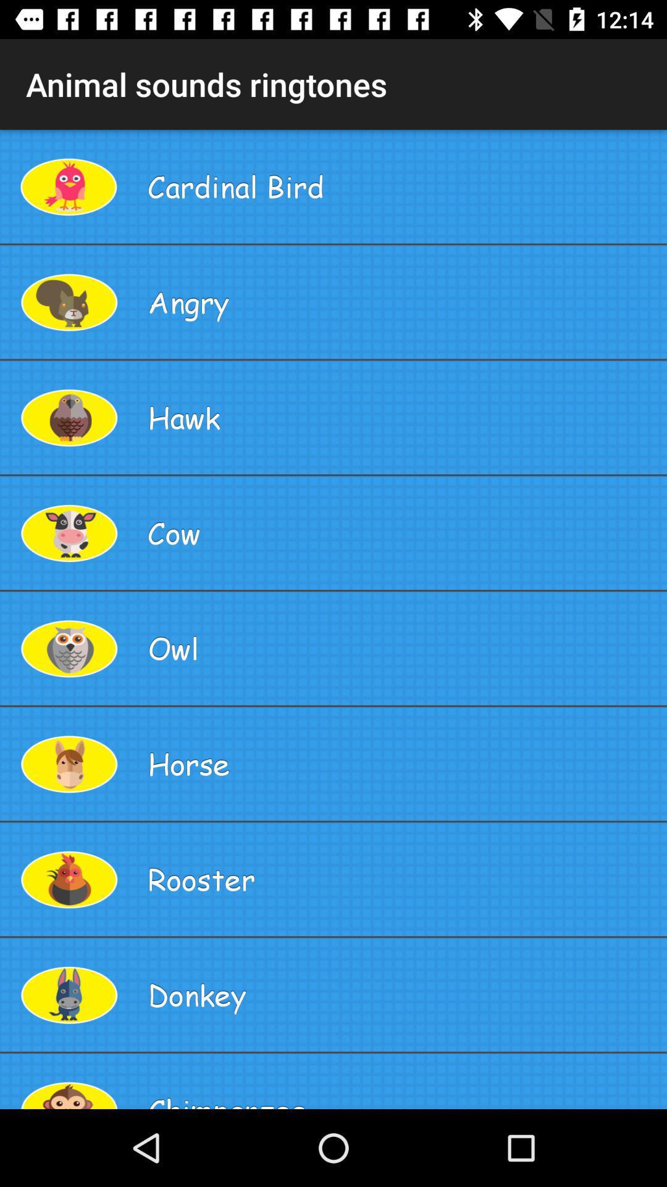  What do you see at coordinates (402, 1080) in the screenshot?
I see `the chimpanzee app` at bounding box center [402, 1080].